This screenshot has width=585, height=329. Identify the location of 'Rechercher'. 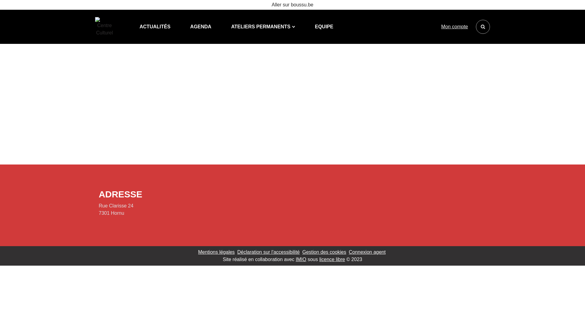
(482, 27).